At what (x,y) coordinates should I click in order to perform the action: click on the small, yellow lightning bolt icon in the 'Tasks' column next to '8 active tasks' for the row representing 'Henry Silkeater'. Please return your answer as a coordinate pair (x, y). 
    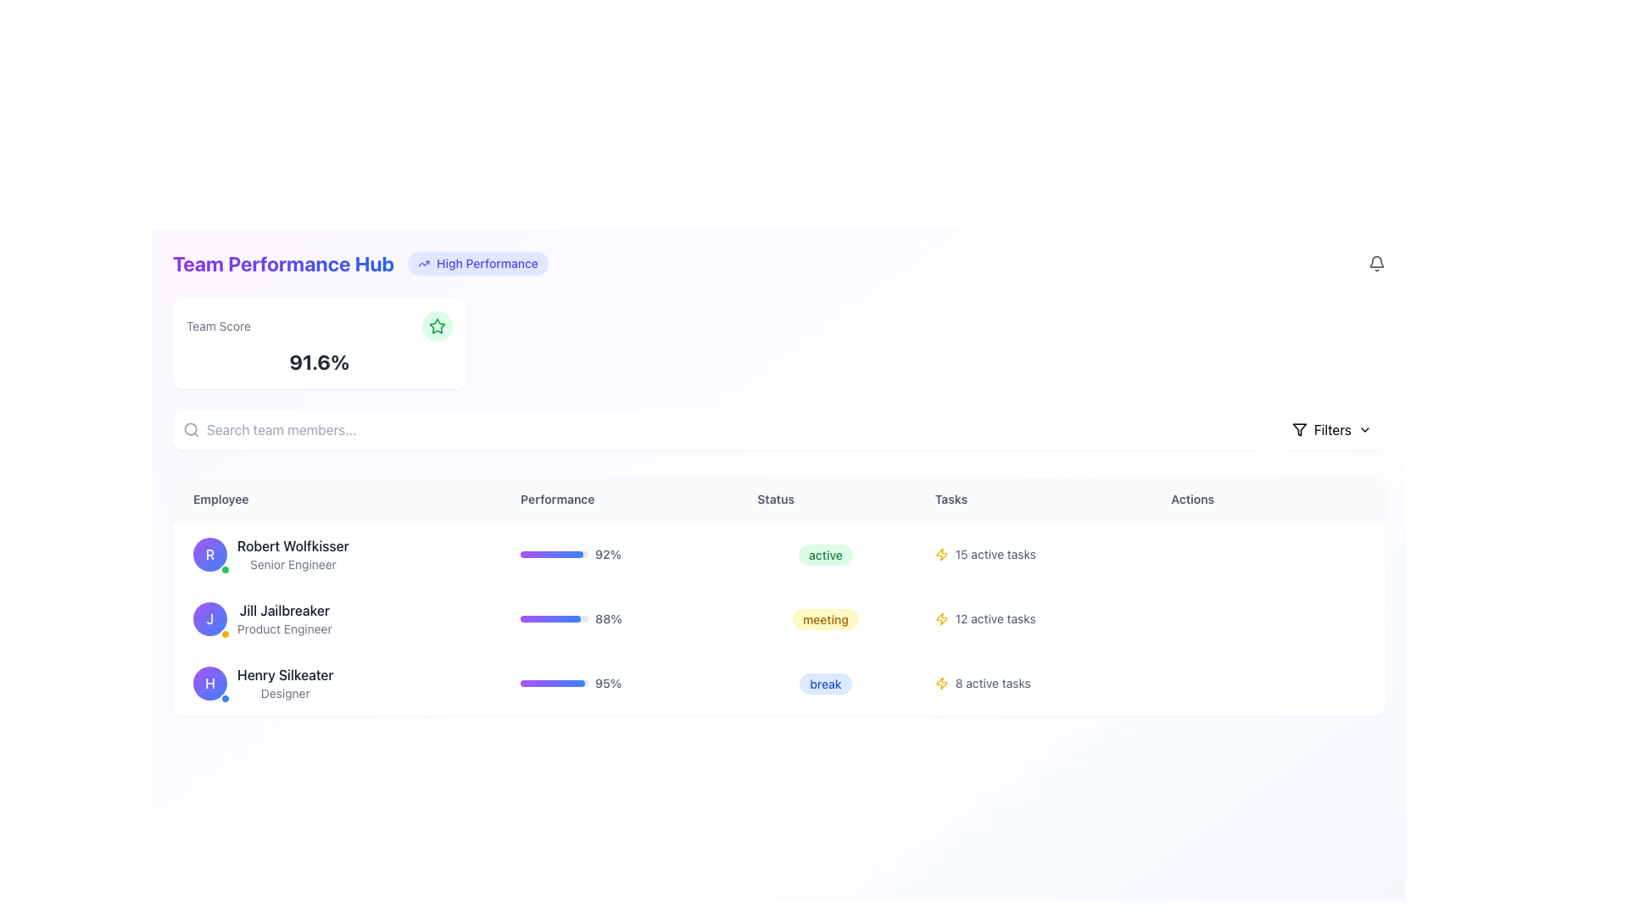
    Looking at the image, I should click on (940, 683).